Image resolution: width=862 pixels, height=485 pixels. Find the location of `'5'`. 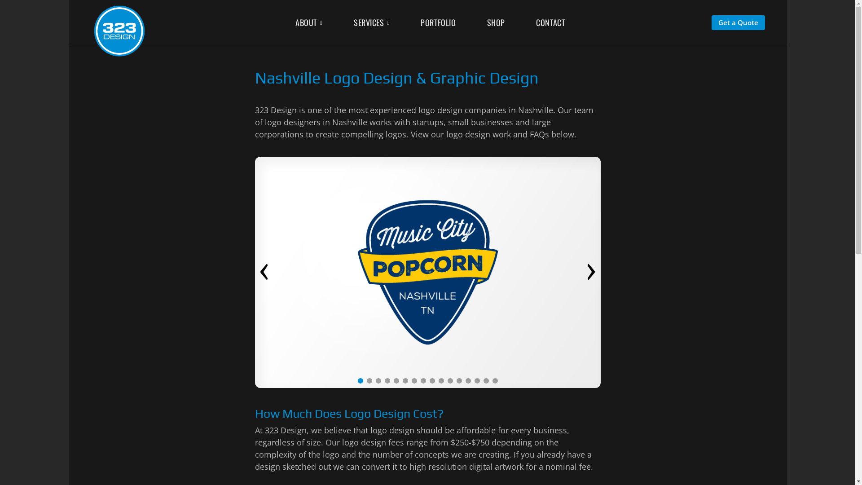

'5' is located at coordinates (393, 381).